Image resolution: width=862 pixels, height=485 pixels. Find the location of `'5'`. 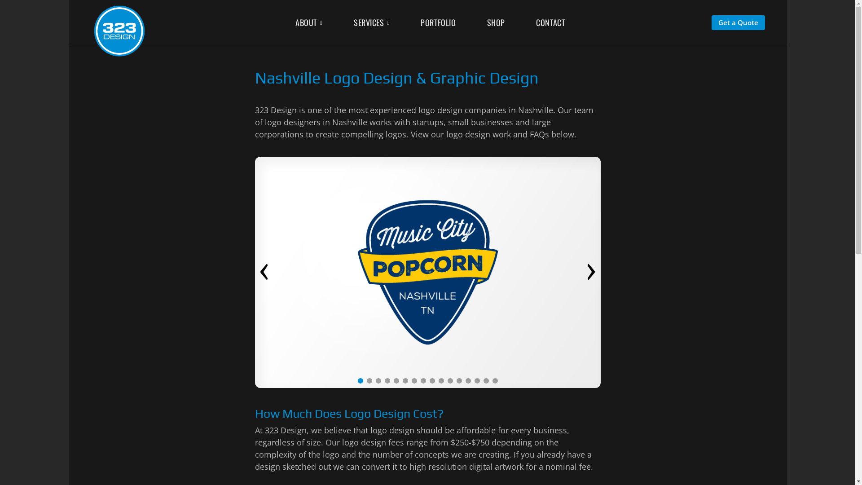

'5' is located at coordinates (393, 381).